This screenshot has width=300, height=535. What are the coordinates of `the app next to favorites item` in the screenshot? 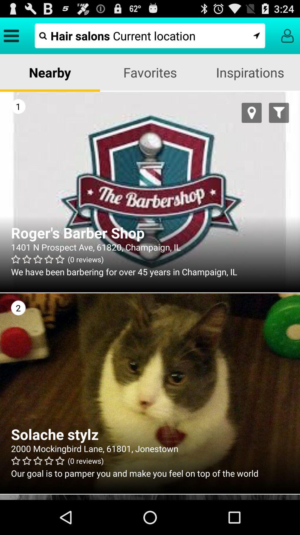 It's located at (50, 72).